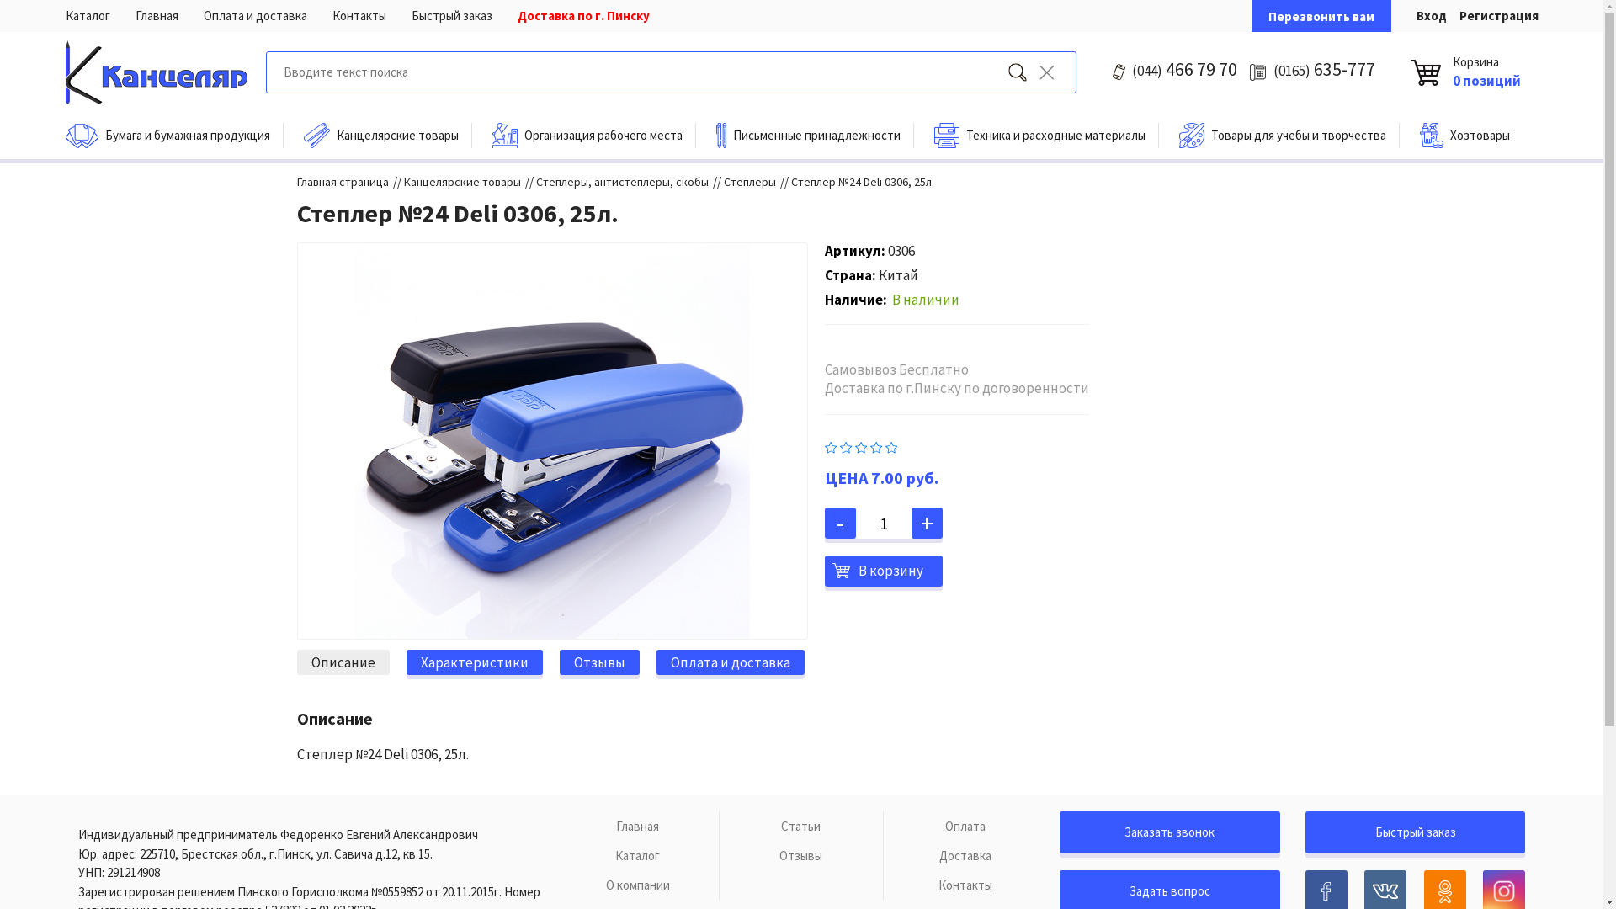 The width and height of the screenshot is (1616, 909). What do you see at coordinates (875, 444) in the screenshot?
I see `'4'` at bounding box center [875, 444].